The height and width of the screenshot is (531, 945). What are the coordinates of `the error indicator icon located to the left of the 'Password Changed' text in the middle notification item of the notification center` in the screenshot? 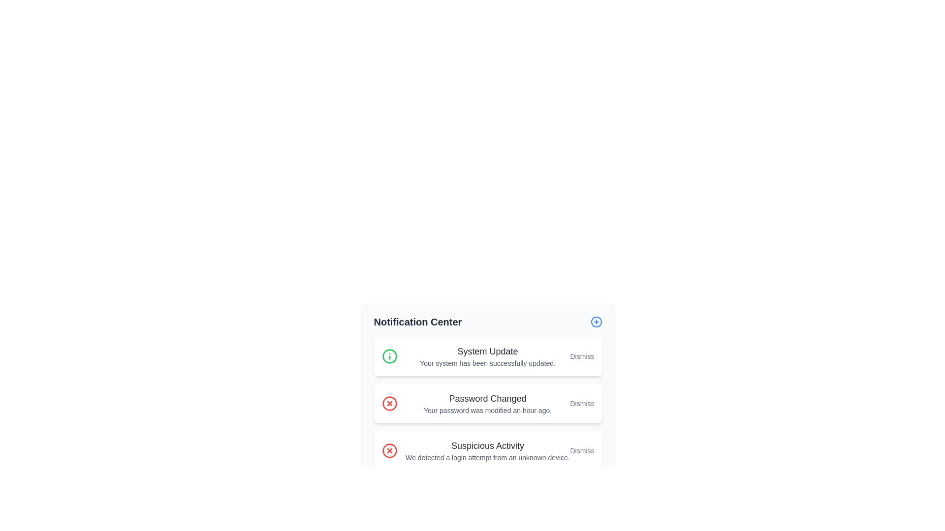 It's located at (389, 404).